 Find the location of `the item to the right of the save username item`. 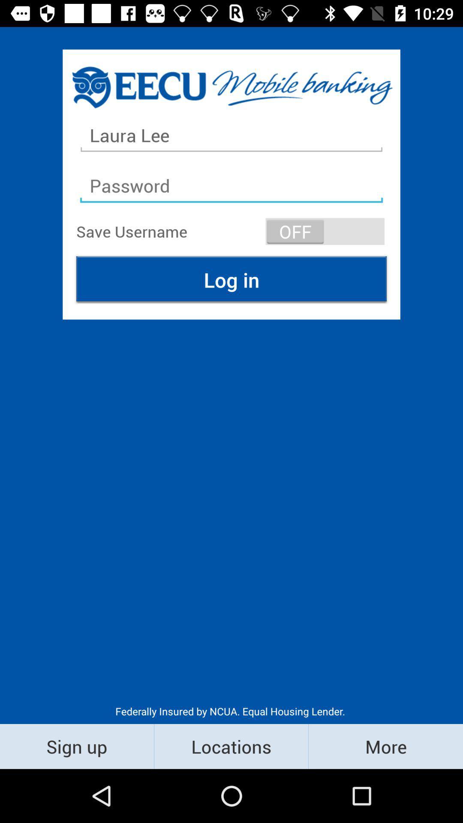

the item to the right of the save username item is located at coordinates (325, 231).